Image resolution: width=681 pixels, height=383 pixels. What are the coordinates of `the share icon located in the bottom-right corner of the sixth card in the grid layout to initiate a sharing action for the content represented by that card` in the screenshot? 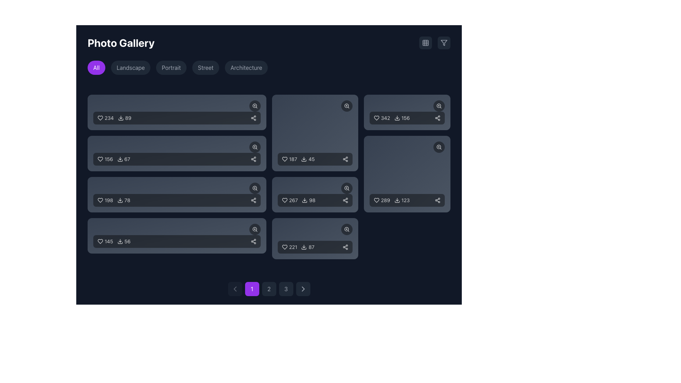 It's located at (345, 200).